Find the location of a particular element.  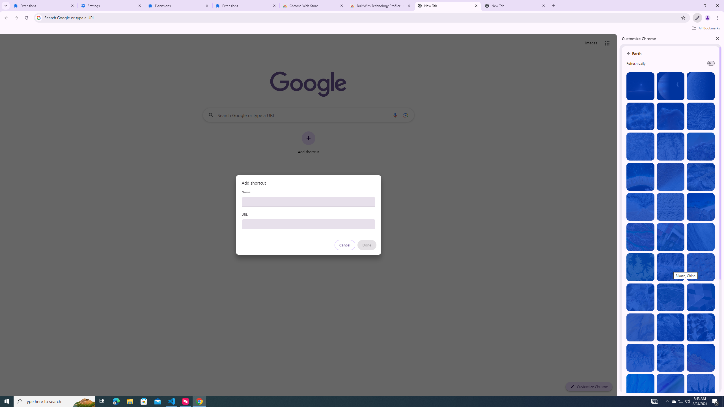

'Settings' is located at coordinates (111, 5).